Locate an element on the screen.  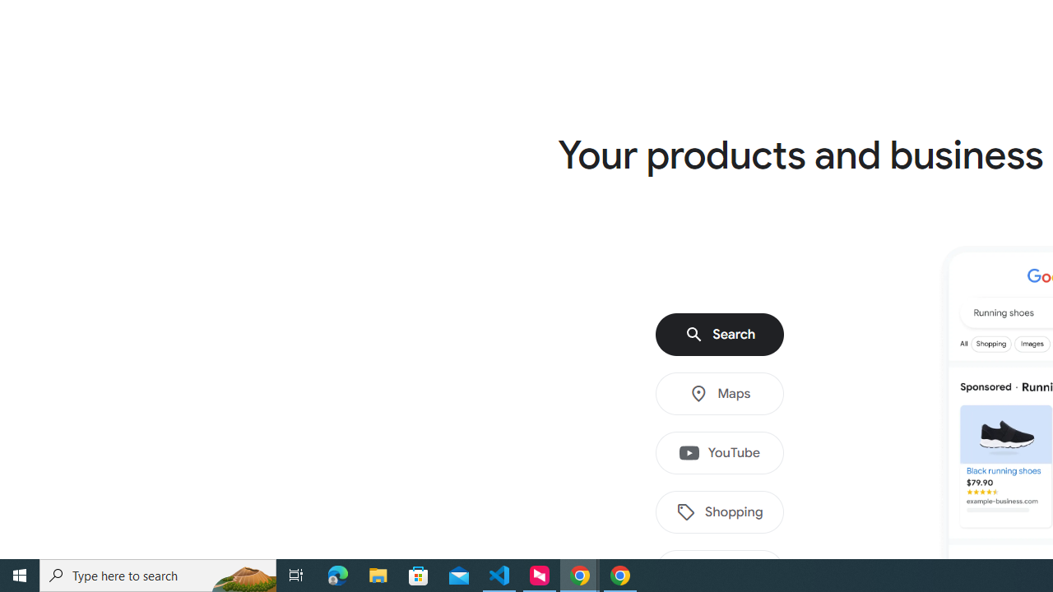
'Maps' is located at coordinates (720, 394).